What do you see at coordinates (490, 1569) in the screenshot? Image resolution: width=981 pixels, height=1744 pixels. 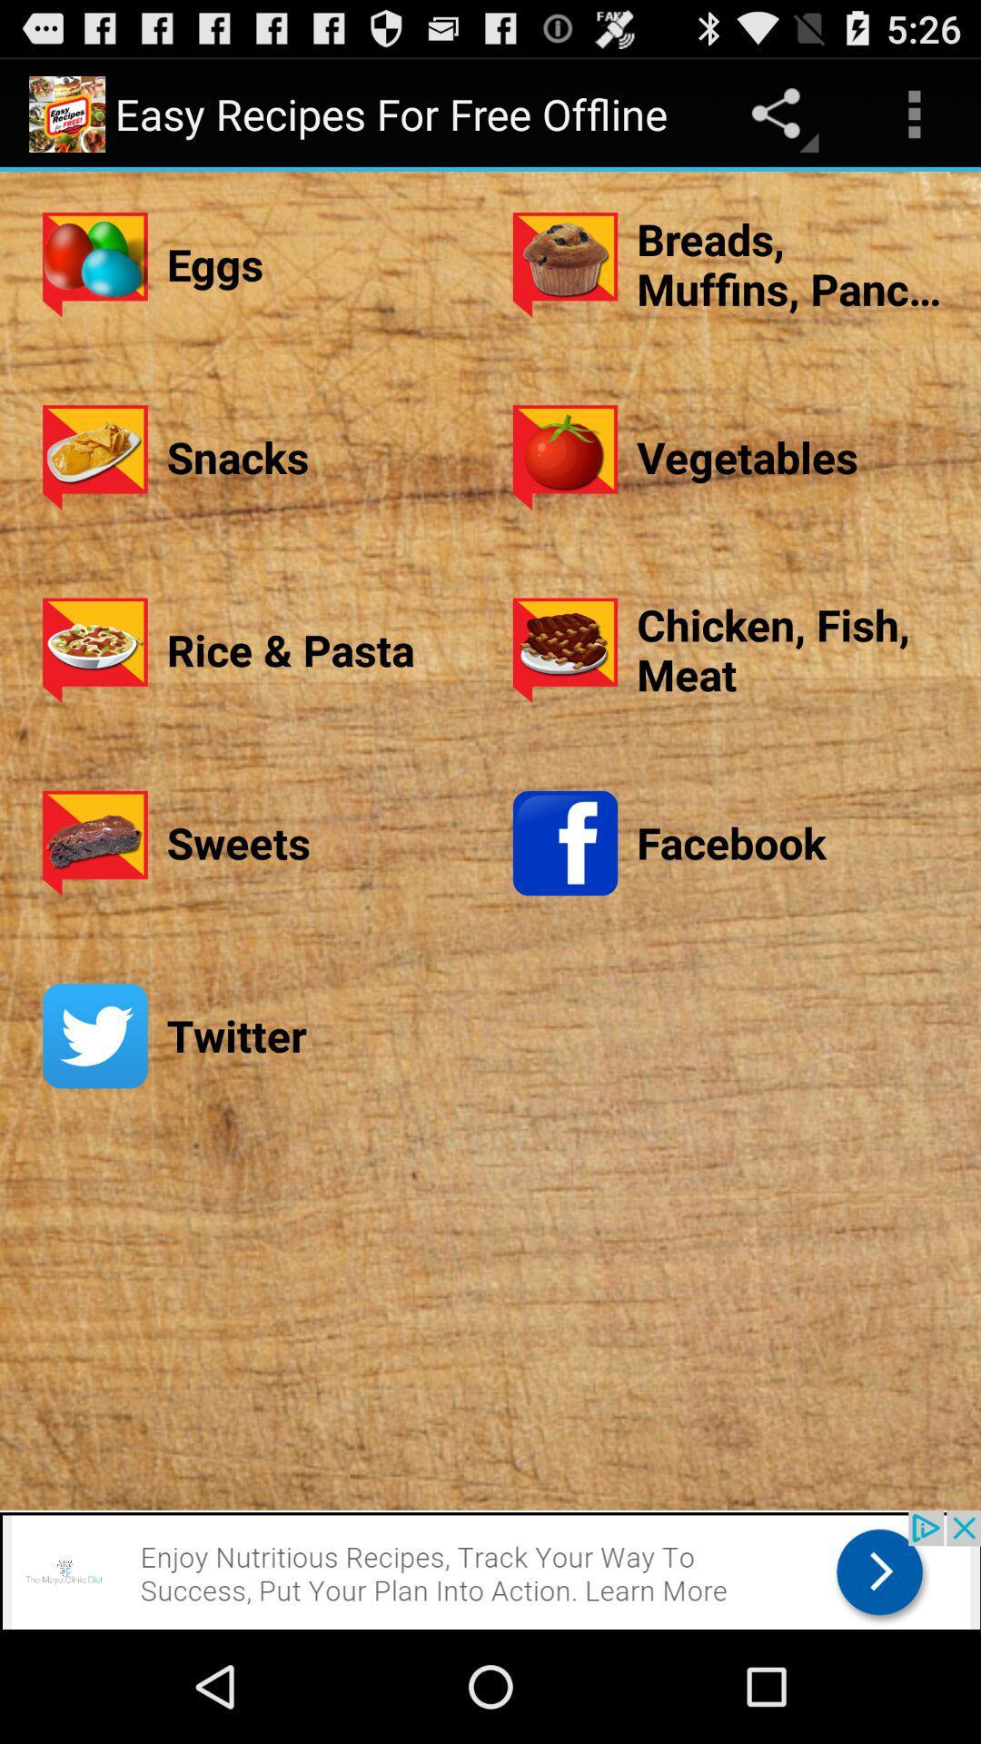 I see `click the advertisement` at bounding box center [490, 1569].